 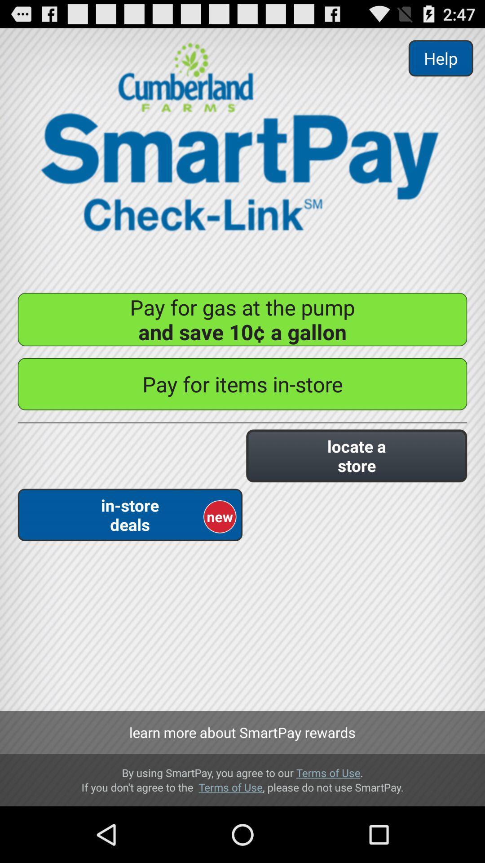 I want to click on locate a, so click(x=356, y=456).